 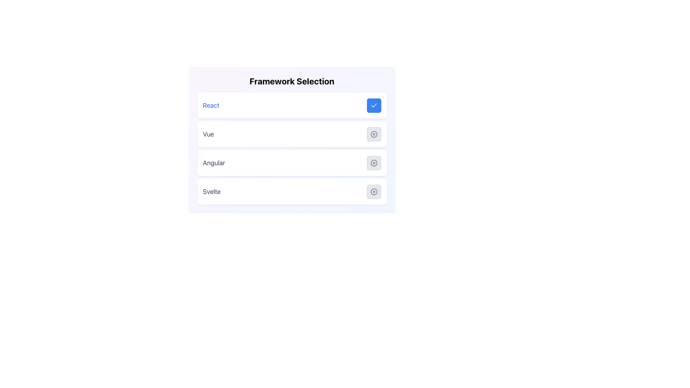 I want to click on the small circular icon button with a gray border and red 'X' symbol, located immediately to the right of the 'Vue' label in the list of frameworks, so click(x=374, y=134).